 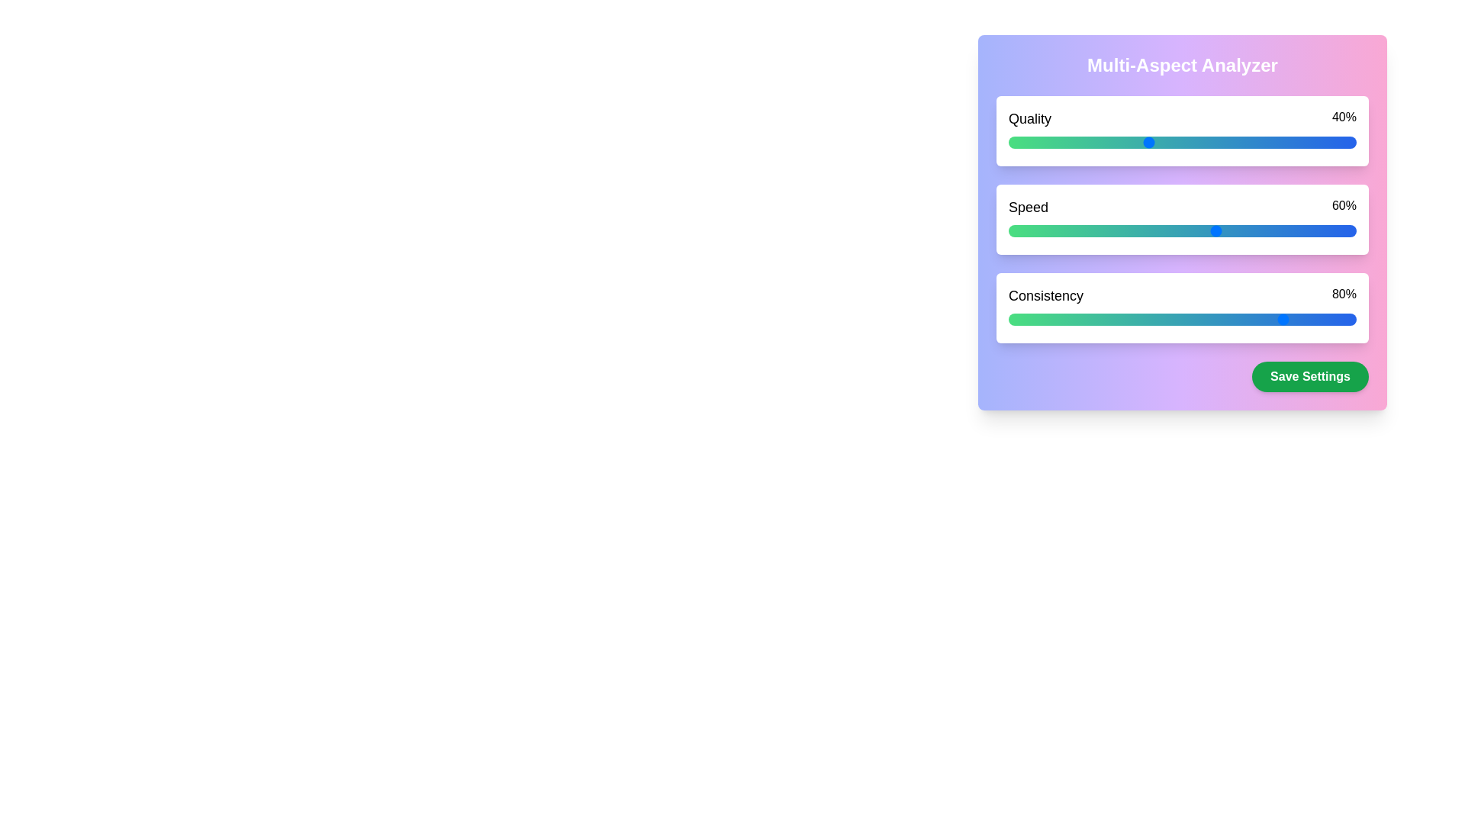 What do you see at coordinates (1309, 376) in the screenshot?
I see `the 'Save Settings' button, which has a green background and white bold text, to observe the hover effect` at bounding box center [1309, 376].